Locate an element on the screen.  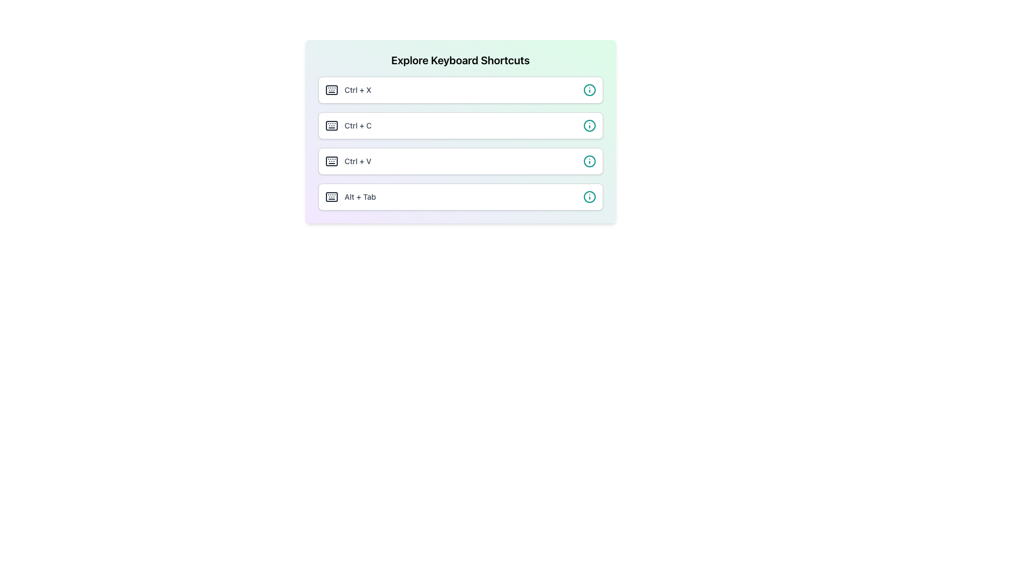
the last icon in the 'Alt + Tab' item list is located at coordinates (589, 197).